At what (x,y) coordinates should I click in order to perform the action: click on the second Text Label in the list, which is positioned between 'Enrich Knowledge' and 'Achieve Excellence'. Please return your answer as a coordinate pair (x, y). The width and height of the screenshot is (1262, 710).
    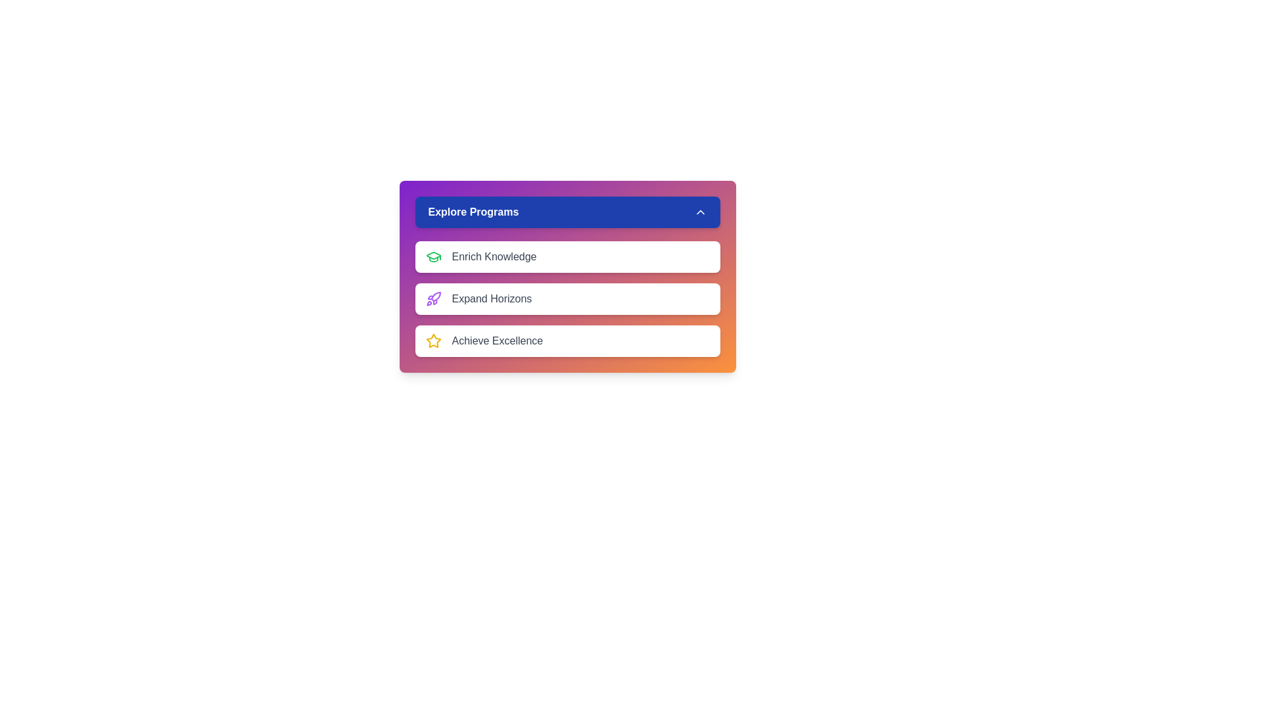
    Looking at the image, I should click on (491, 299).